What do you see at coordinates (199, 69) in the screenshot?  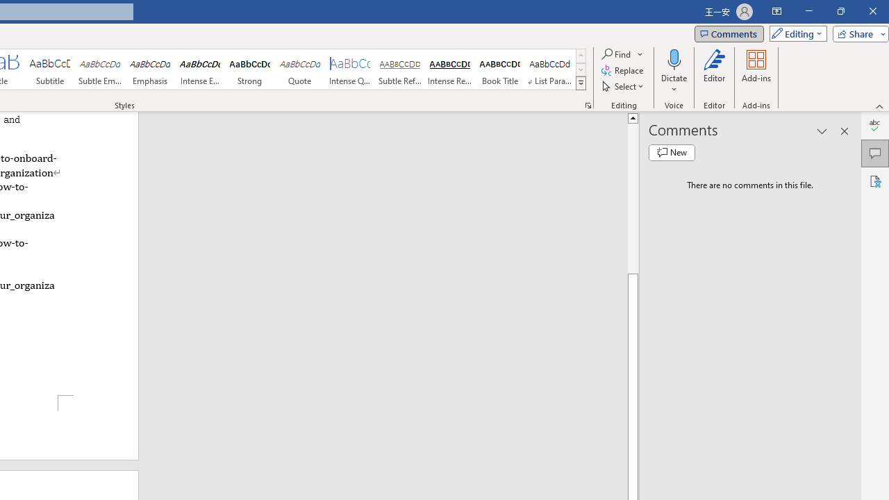 I see `'Intense Emphasis'` at bounding box center [199, 69].